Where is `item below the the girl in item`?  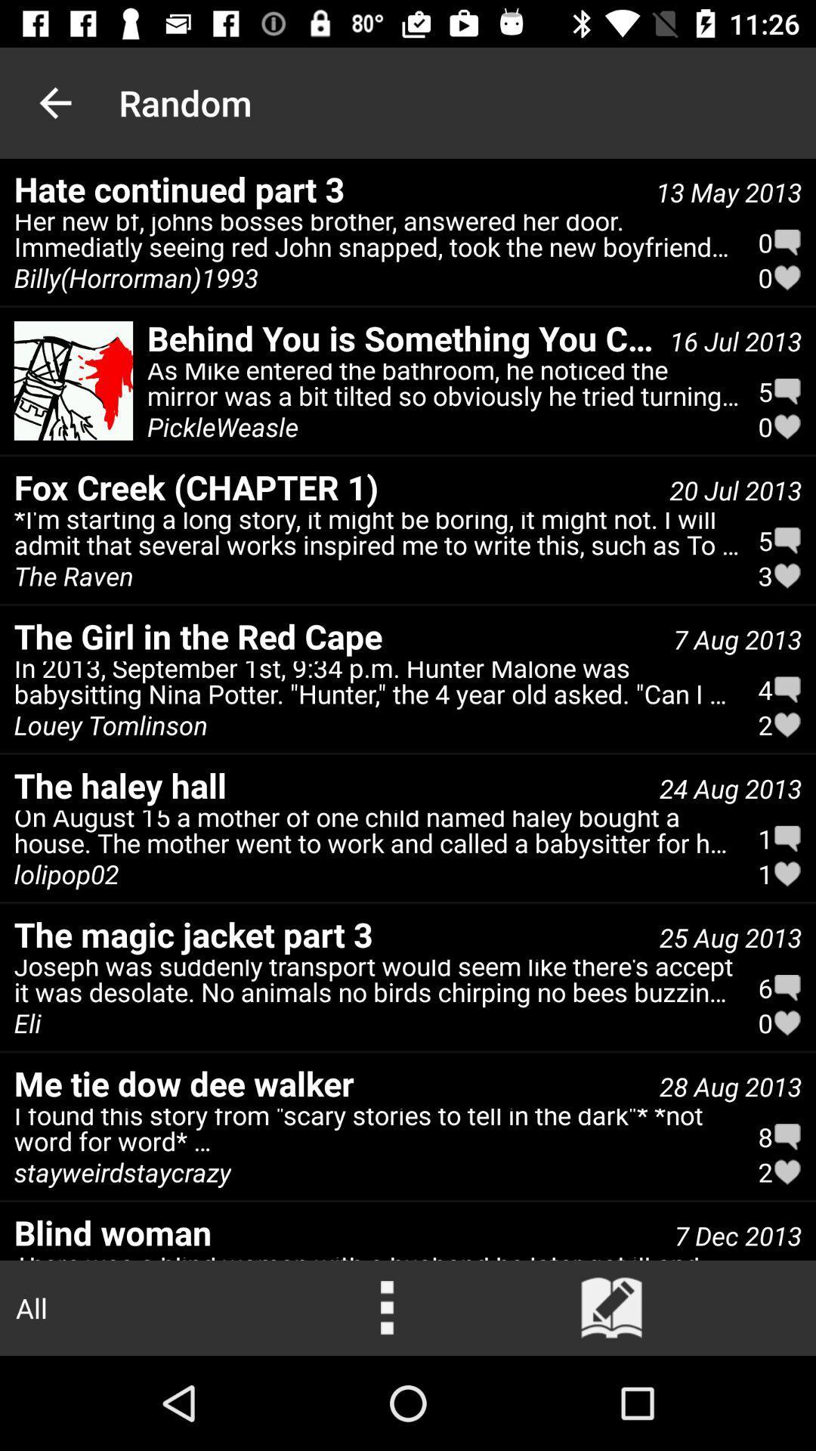 item below the the girl in item is located at coordinates (376, 685).